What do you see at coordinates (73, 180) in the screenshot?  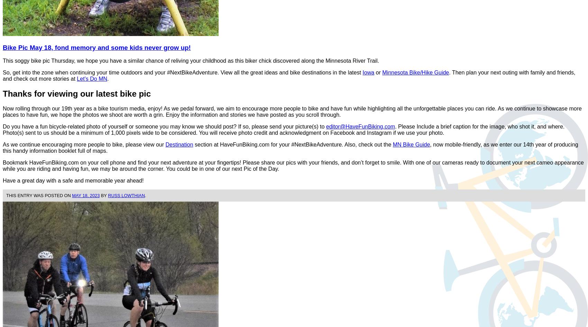 I see `'Have a great day with a safe and memorable year ahead!'` at bounding box center [73, 180].